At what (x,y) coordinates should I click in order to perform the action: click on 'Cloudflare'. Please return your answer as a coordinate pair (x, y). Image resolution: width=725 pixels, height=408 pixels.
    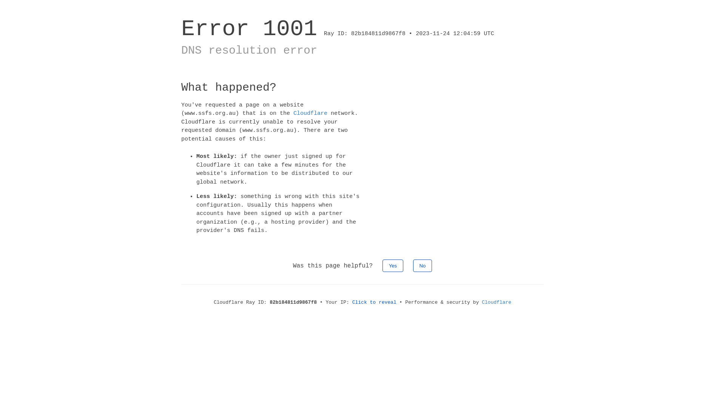
    Looking at the image, I should click on (293, 113).